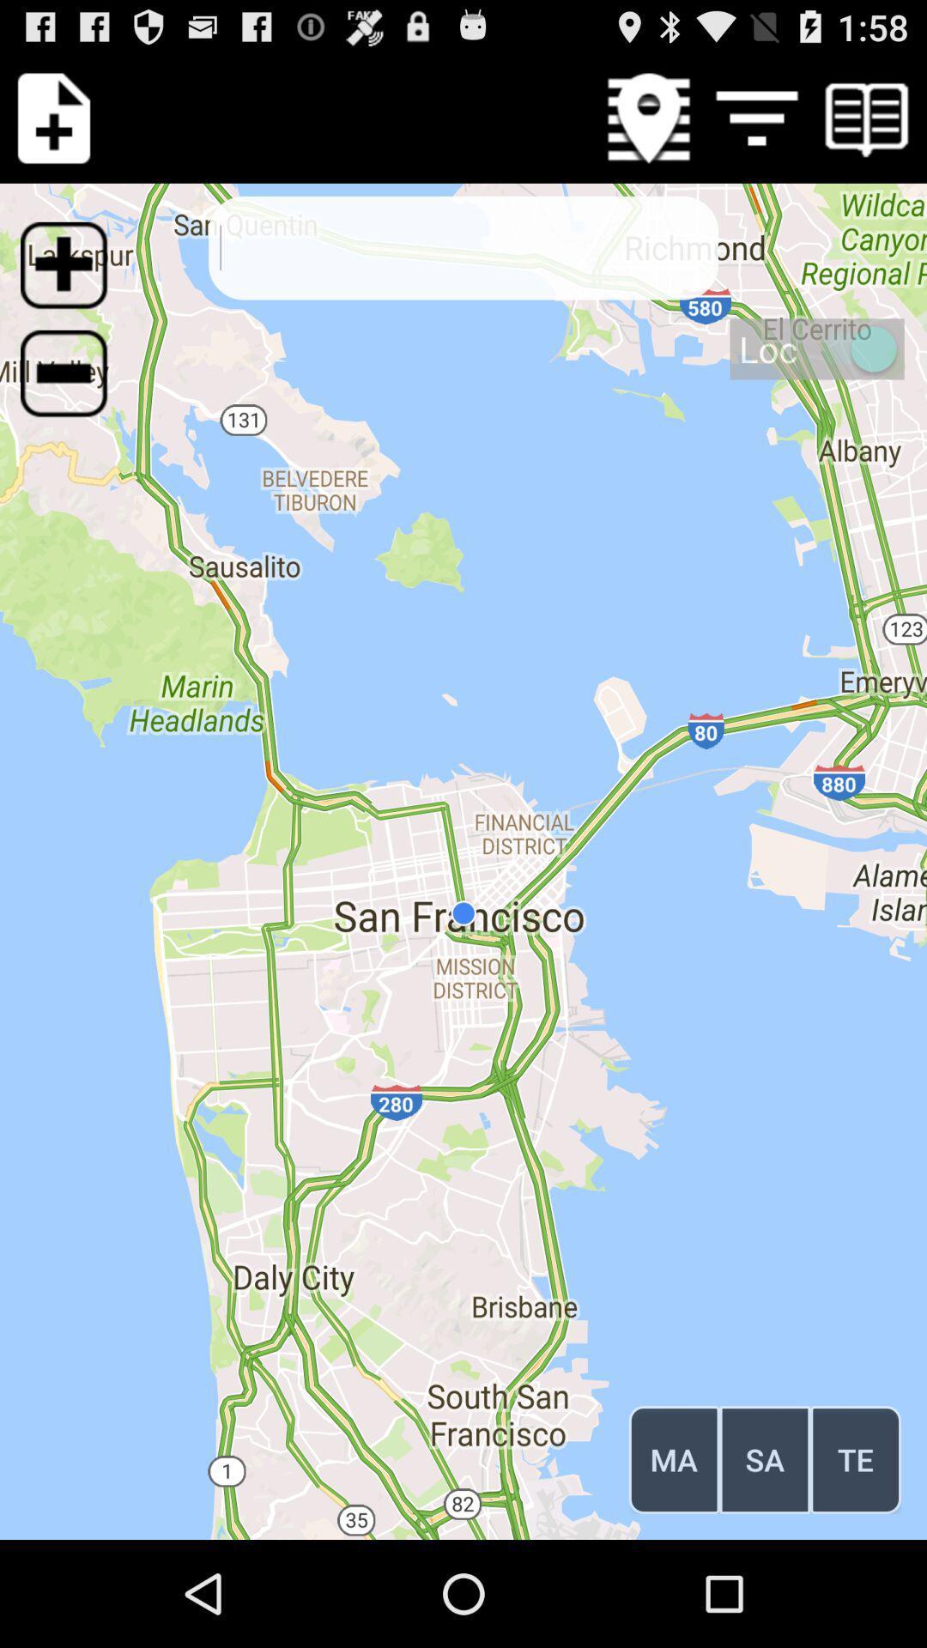 The height and width of the screenshot is (1648, 927). I want to click on button to the left of sa icon, so click(673, 1458).